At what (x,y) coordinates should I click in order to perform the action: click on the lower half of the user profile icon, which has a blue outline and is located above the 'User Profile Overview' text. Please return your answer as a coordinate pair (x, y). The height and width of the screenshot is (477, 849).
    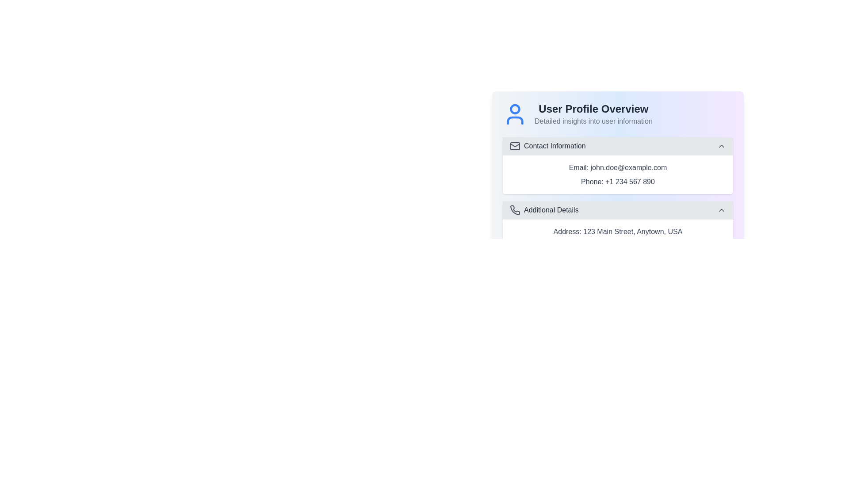
    Looking at the image, I should click on (515, 121).